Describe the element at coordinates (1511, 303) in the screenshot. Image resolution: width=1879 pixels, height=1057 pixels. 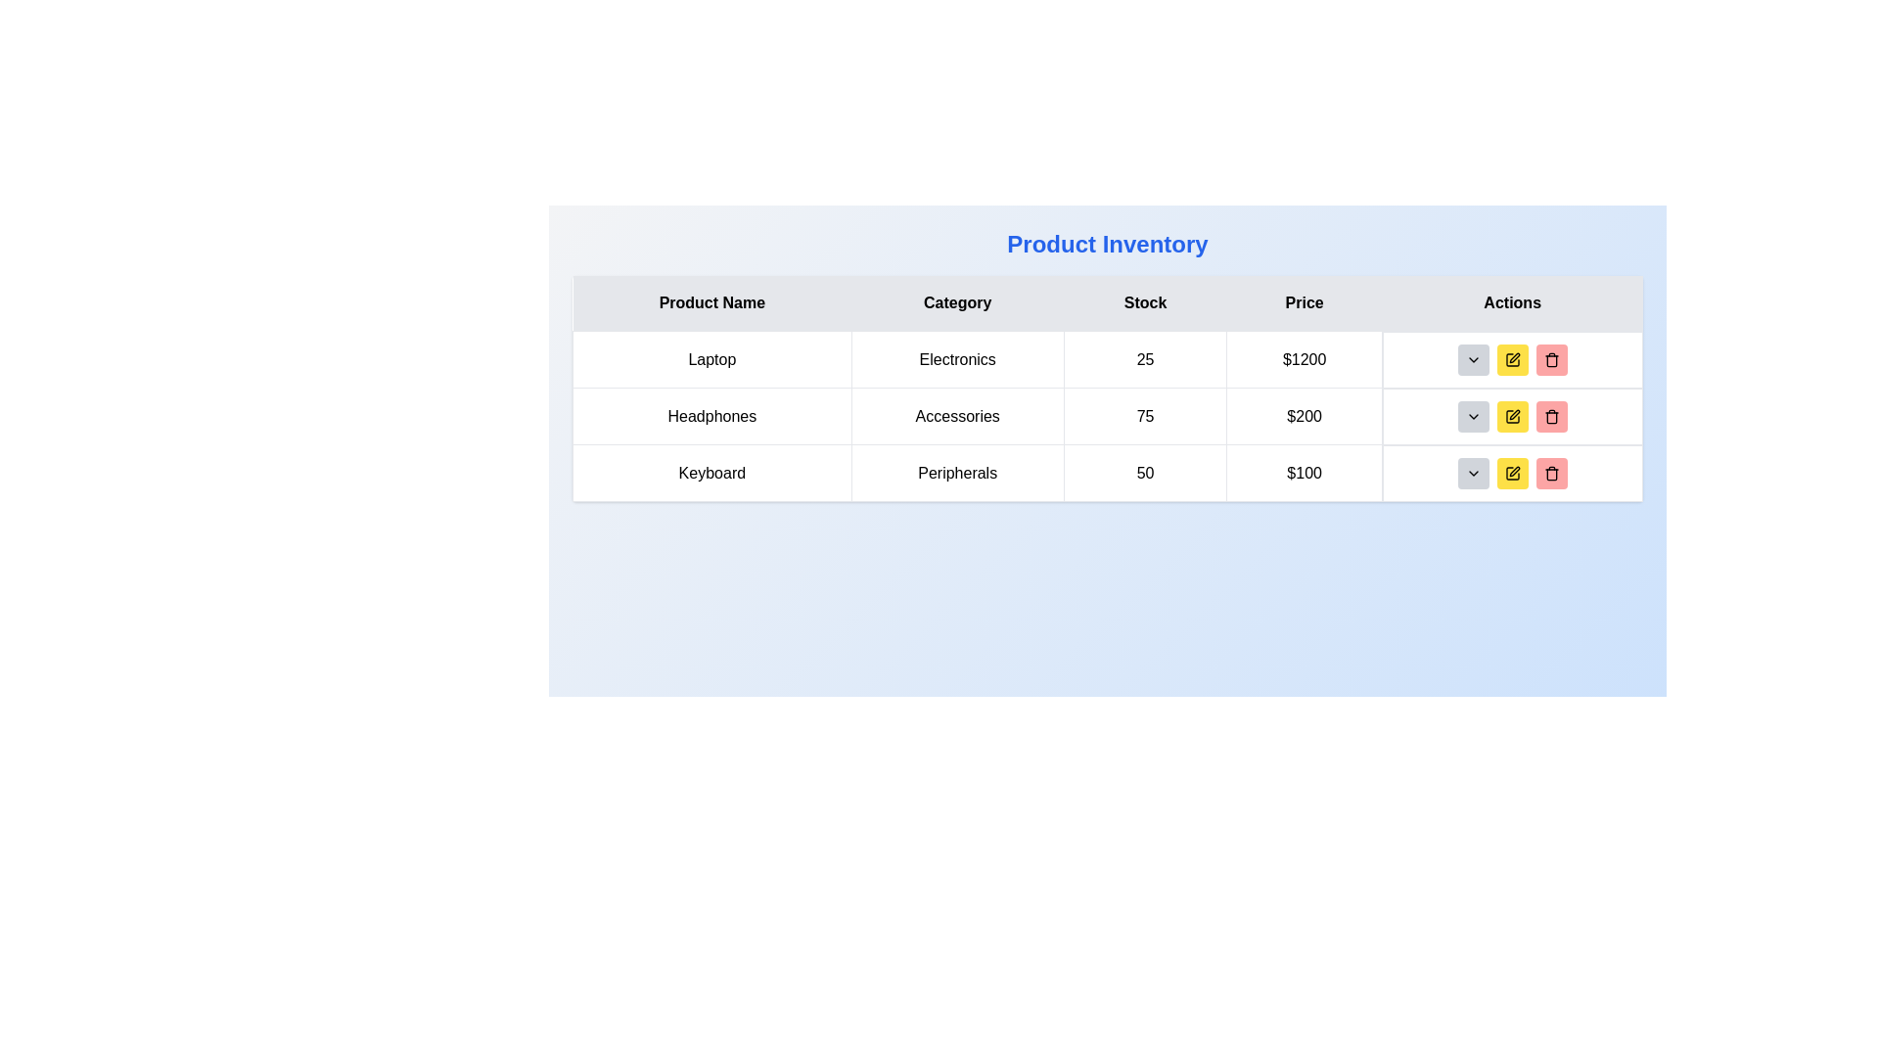
I see `the 'Actions' header, which is the fifth header in the row above the data table, displayed in bold text and aligned with other headers` at that location.